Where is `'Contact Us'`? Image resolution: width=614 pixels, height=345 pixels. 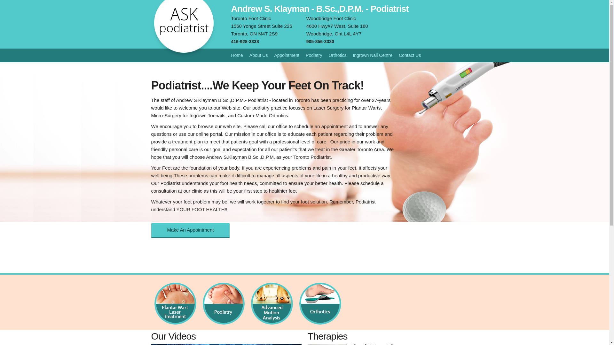
'Contact Us' is located at coordinates (410, 55).